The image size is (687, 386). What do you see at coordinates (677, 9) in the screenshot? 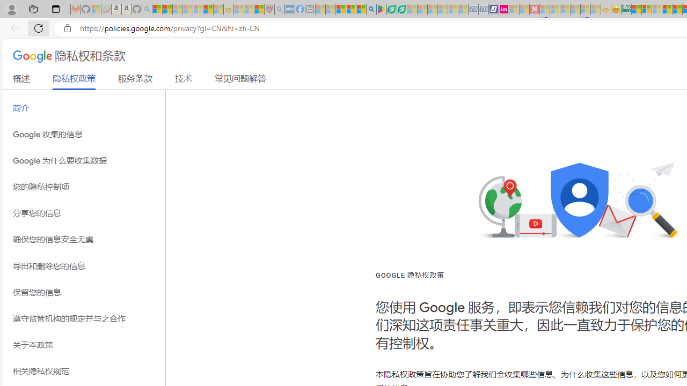
I see `'Kinda Frugal - MSN'` at bounding box center [677, 9].